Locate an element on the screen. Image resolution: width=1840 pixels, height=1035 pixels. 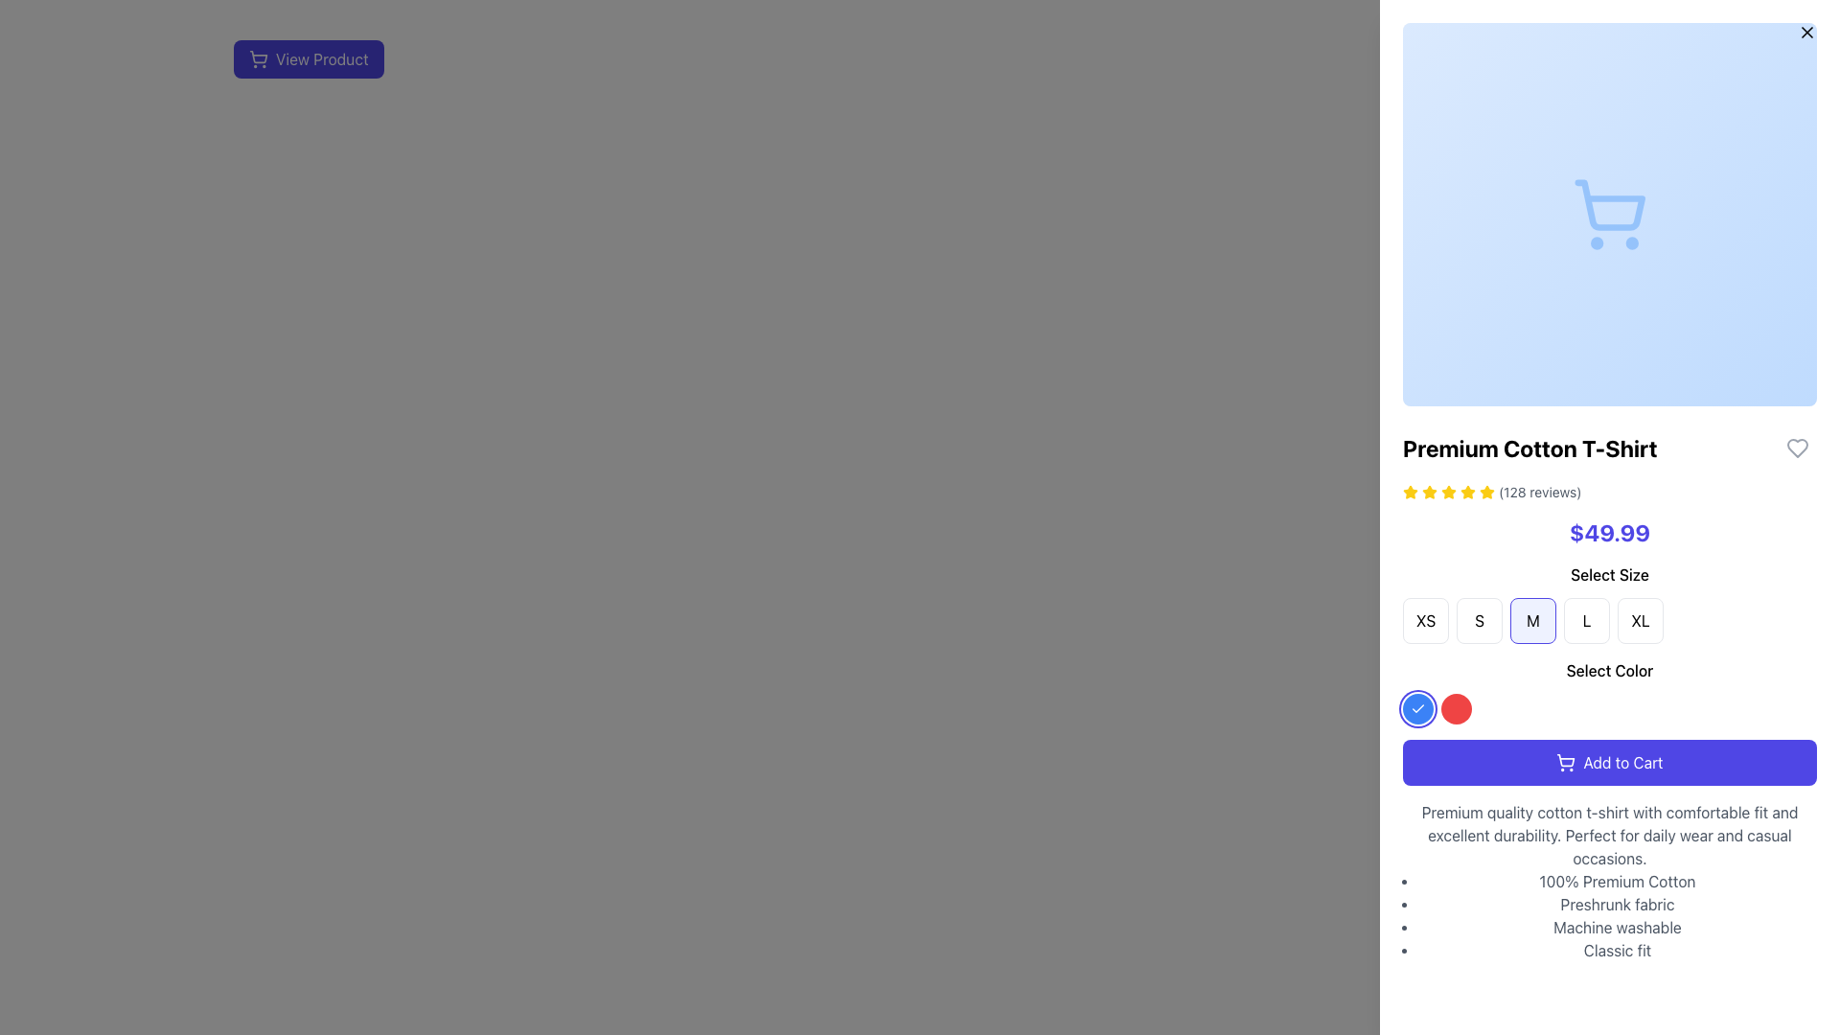
the 'Select Size' static text label which serves as a title for the size selection options is located at coordinates (1610, 574).